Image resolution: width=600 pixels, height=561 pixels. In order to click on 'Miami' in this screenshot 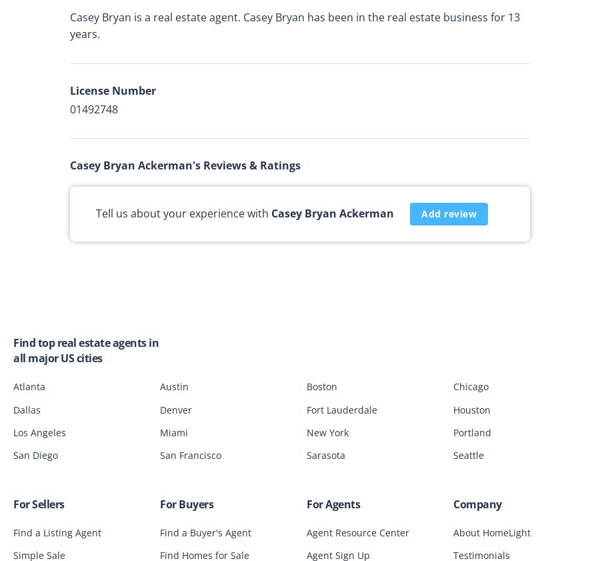, I will do `click(173, 432)`.